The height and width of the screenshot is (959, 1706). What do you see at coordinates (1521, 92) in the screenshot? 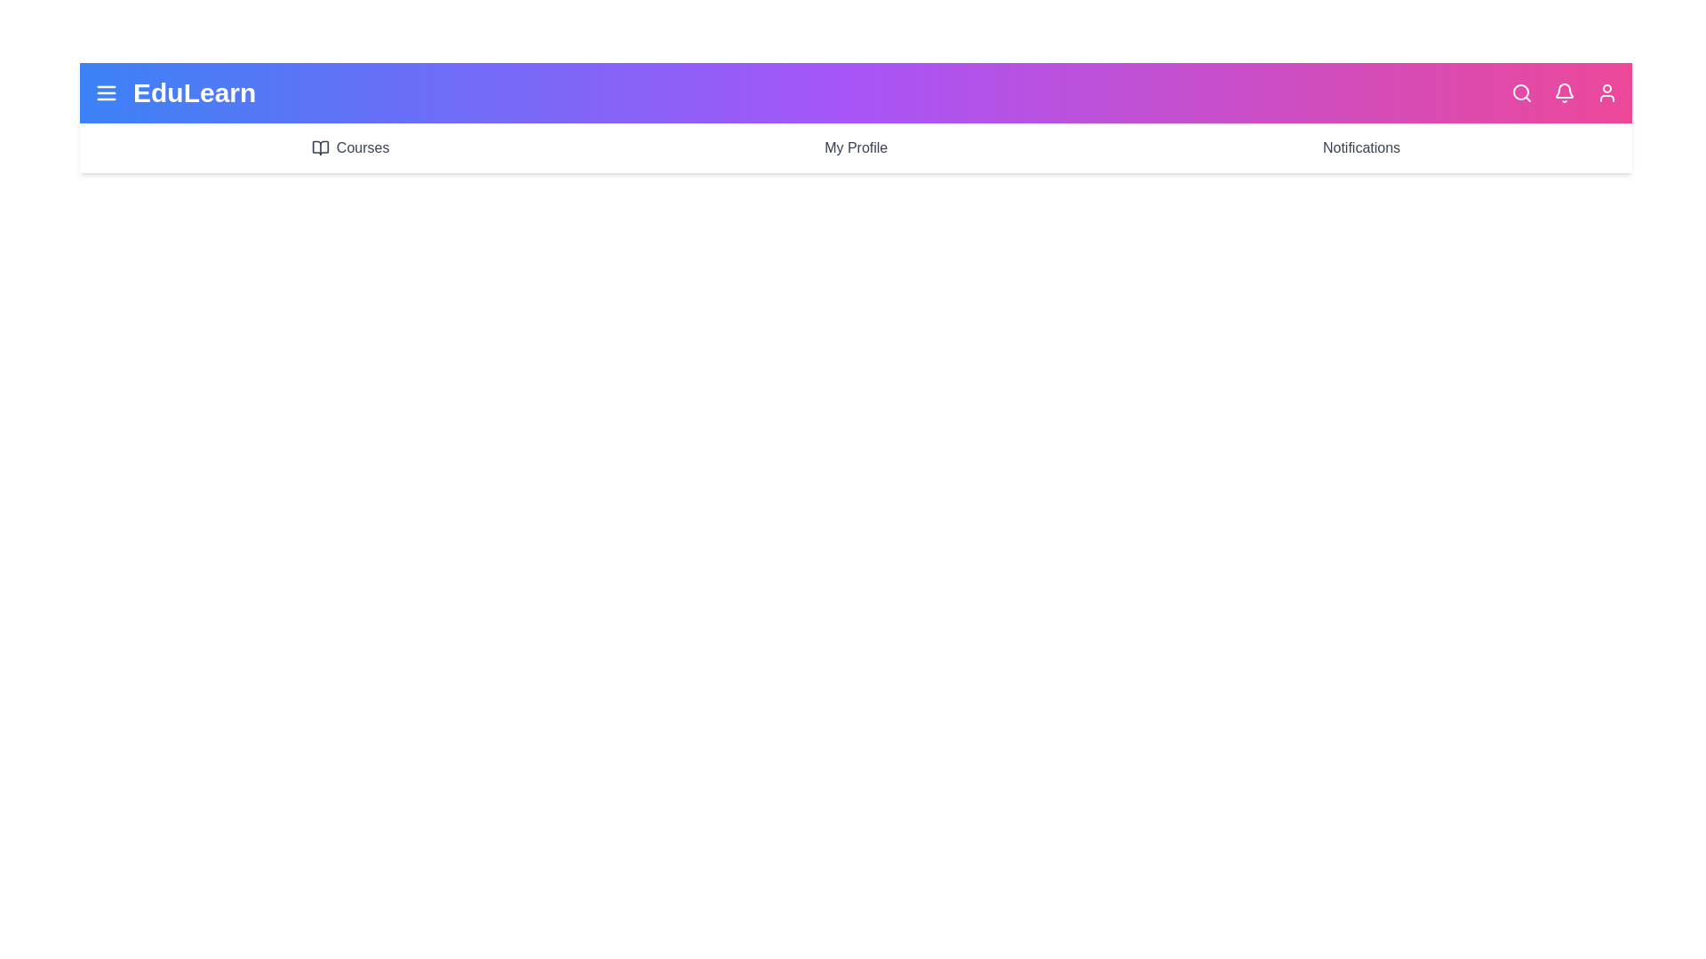
I see `the search icon to activate the search functionality` at bounding box center [1521, 92].